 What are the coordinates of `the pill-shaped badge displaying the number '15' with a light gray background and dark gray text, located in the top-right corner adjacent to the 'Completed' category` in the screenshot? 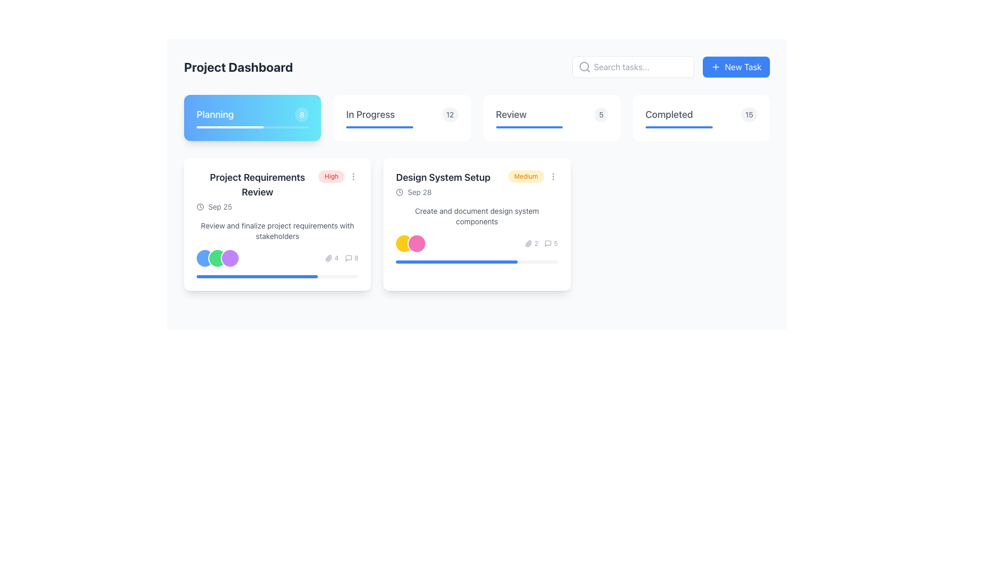 It's located at (748, 115).